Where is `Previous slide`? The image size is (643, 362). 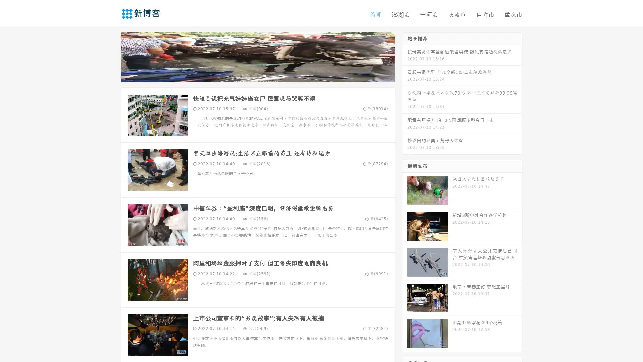
Previous slide is located at coordinates (111, 56).